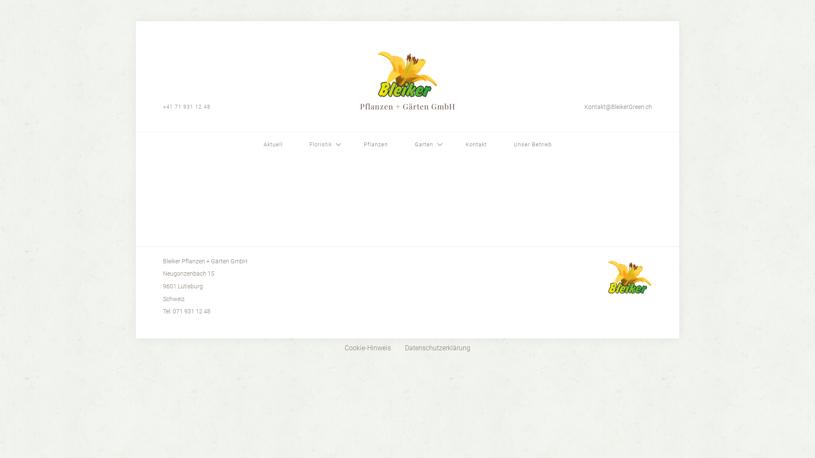 The width and height of the screenshot is (815, 458). What do you see at coordinates (476, 144) in the screenshot?
I see `'Kontakt'` at bounding box center [476, 144].